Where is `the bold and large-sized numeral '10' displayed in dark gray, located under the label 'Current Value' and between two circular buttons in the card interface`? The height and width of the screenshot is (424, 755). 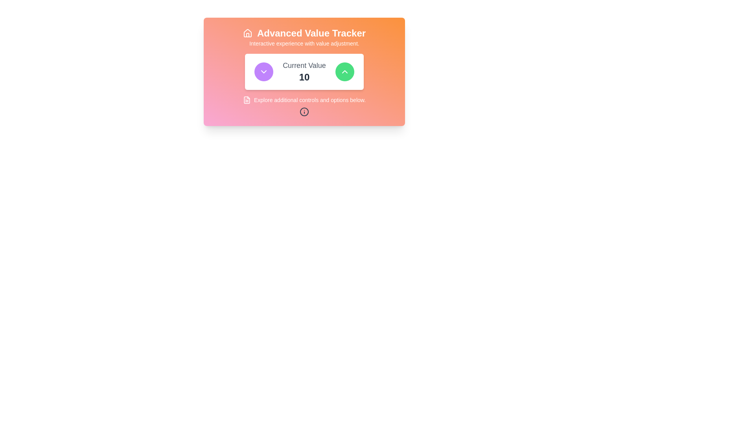
the bold and large-sized numeral '10' displayed in dark gray, located under the label 'Current Value' and between two circular buttons in the card interface is located at coordinates (304, 77).